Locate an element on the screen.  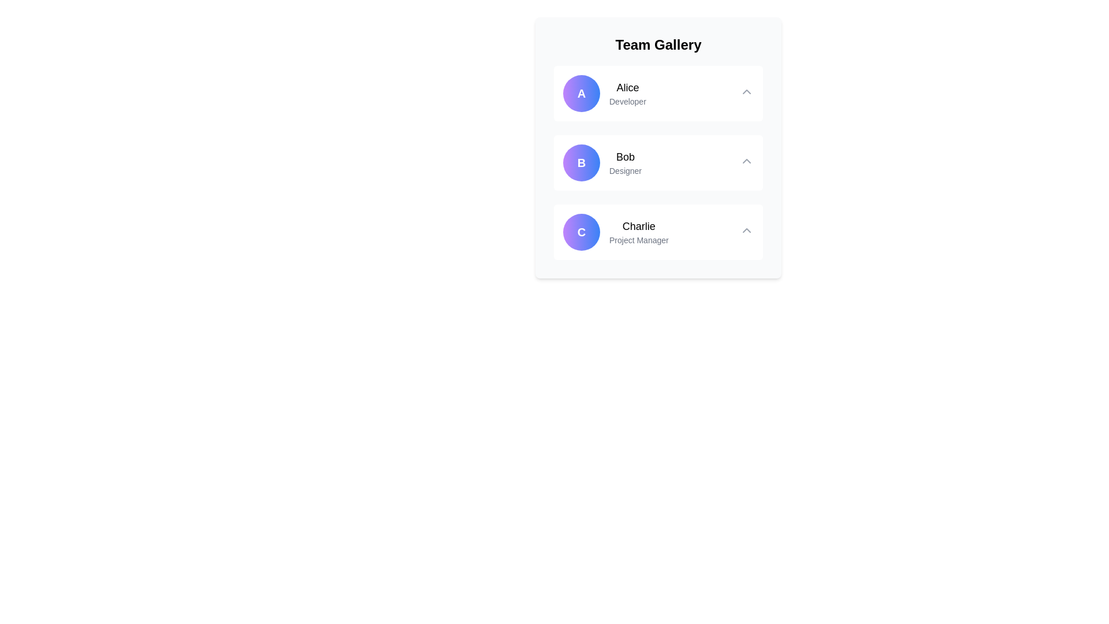
the circular avatar with a gradient background and the bold white letter 'B' centered within, which is the first item in the section for 'Bob' is located at coordinates (582, 162).